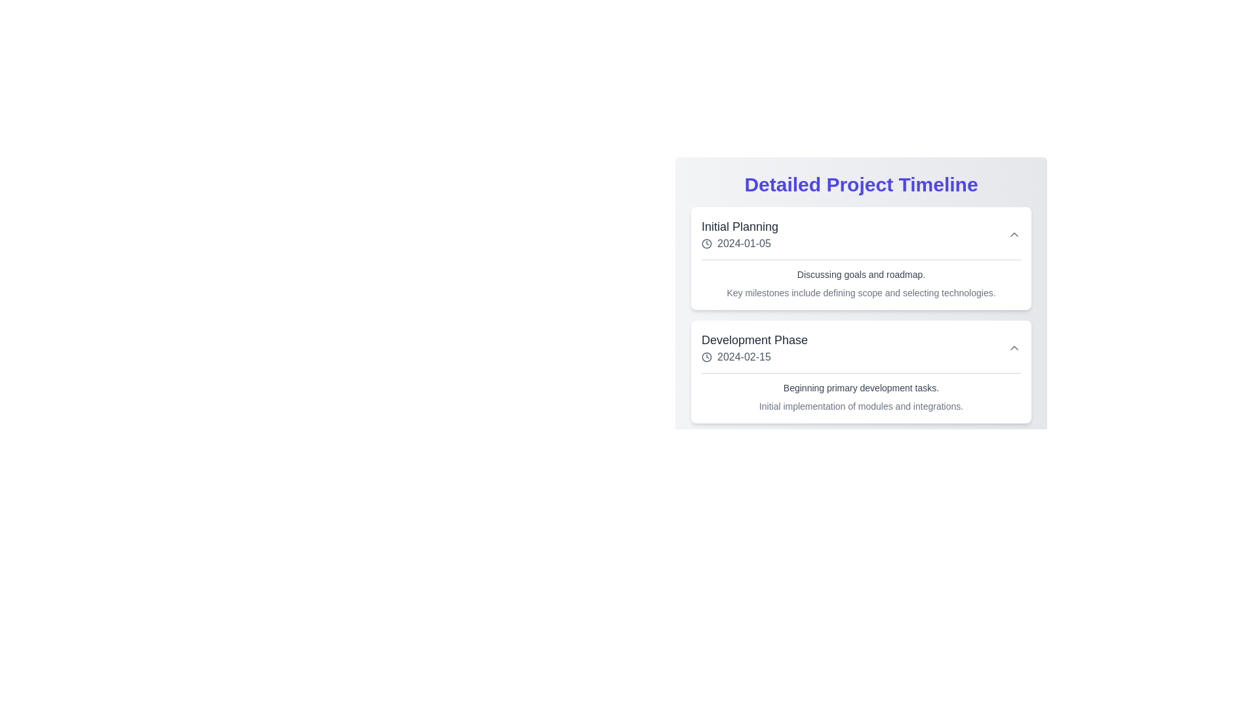 Image resolution: width=1259 pixels, height=708 pixels. Describe the element at coordinates (861, 258) in the screenshot. I see `the first rectangular card with a white background and rounded corners in the 'Detailed Project Timeline' section` at that location.